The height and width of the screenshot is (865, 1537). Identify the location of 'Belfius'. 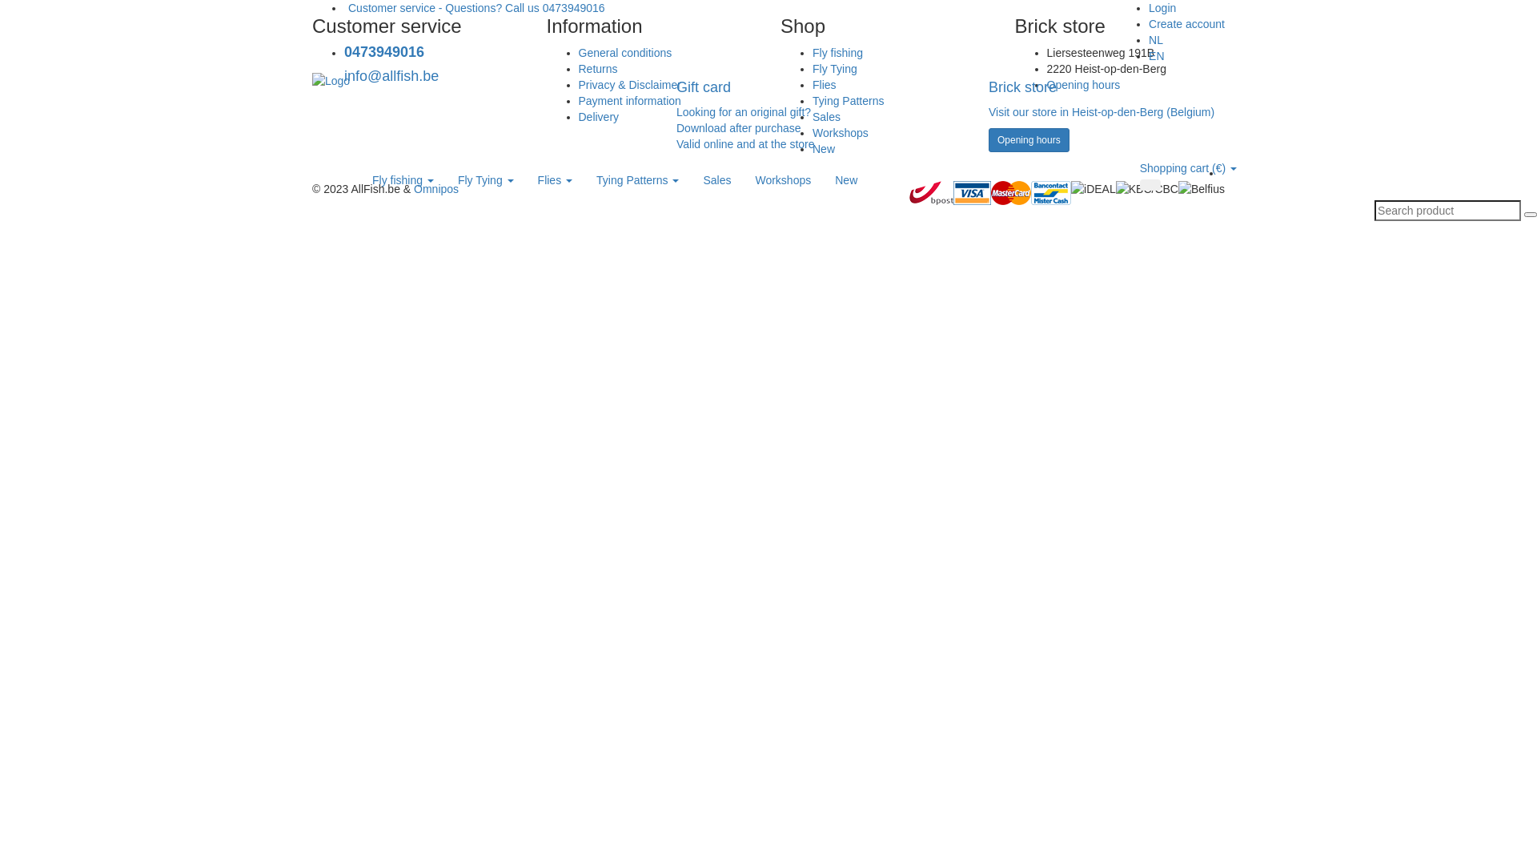
(1202, 187).